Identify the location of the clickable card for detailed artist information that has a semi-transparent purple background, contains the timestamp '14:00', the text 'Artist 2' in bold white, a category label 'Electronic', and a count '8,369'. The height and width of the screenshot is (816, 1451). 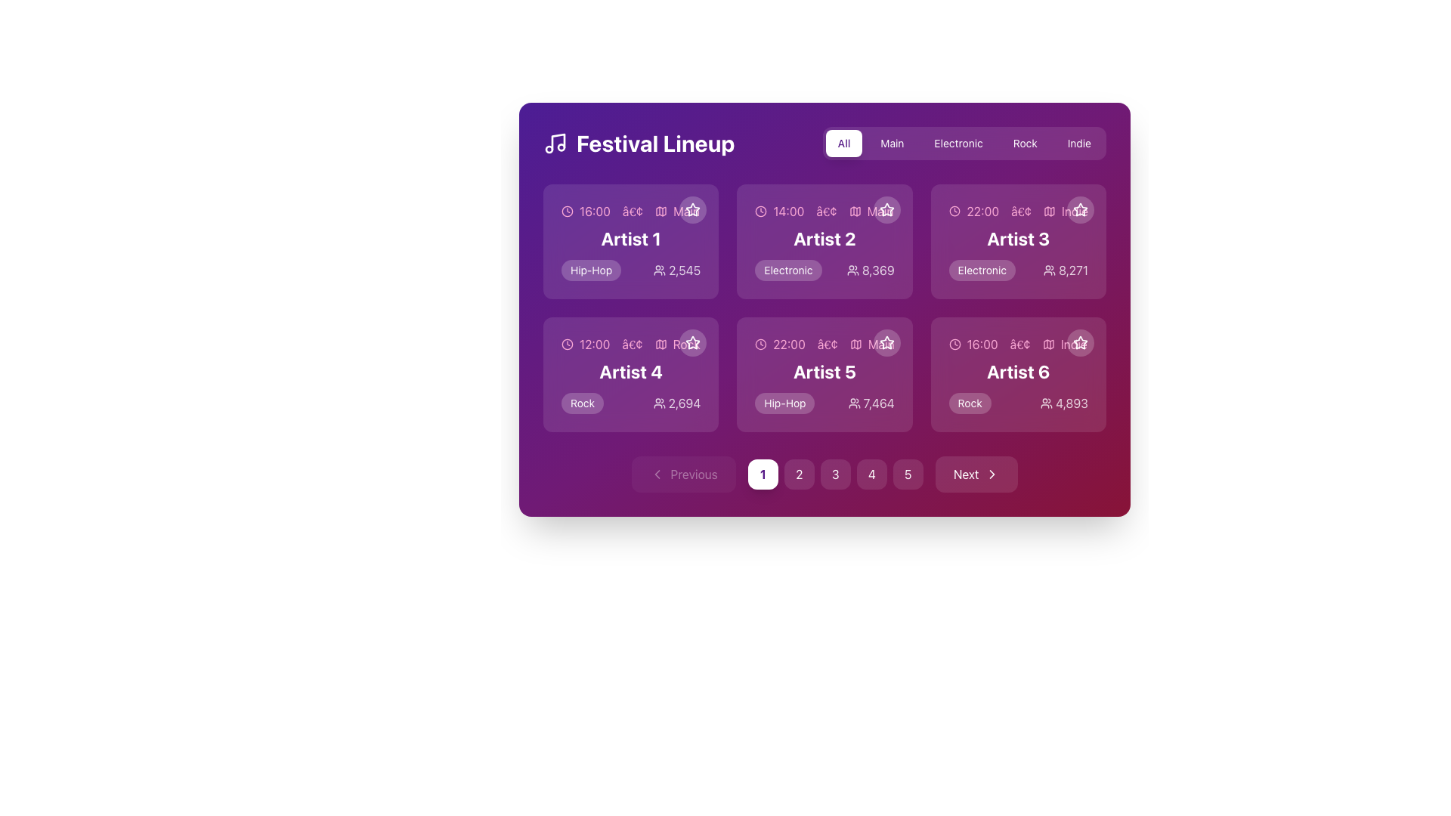
(824, 241).